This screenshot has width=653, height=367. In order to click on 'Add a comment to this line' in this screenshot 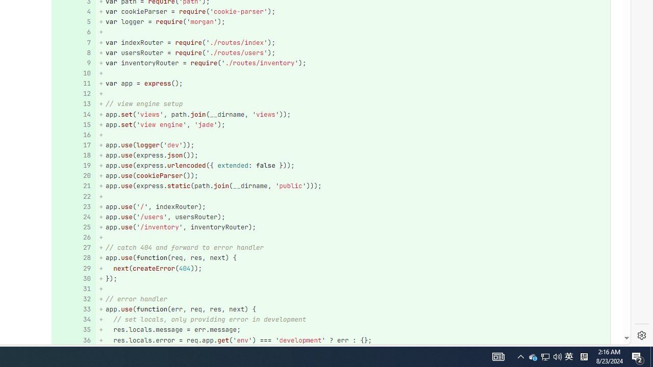, I will do `click(70, 340)`.